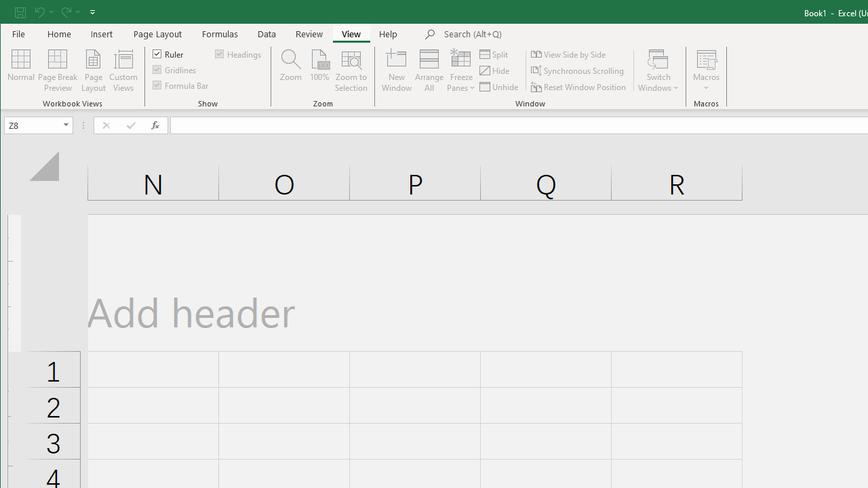 The width and height of the screenshot is (868, 488). Describe the element at coordinates (167, 53) in the screenshot. I see `'Ruler'` at that location.